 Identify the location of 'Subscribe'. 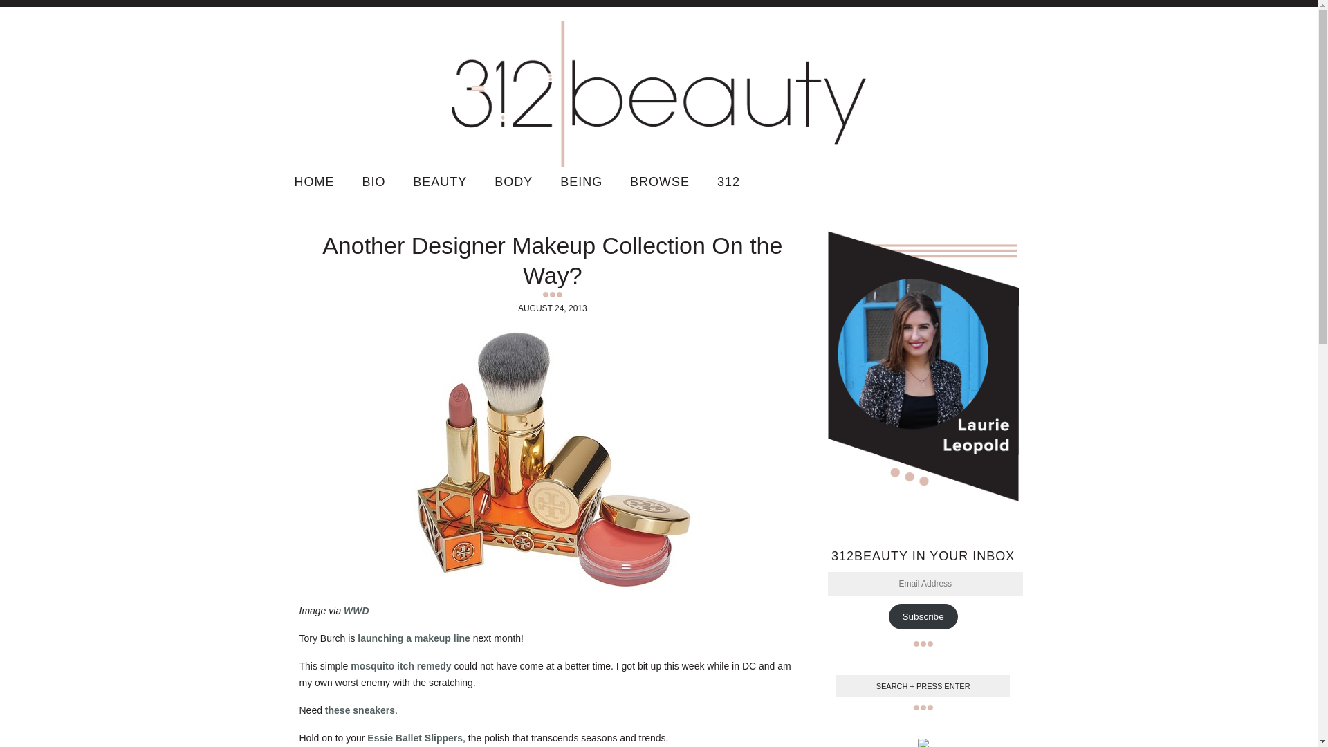
(923, 616).